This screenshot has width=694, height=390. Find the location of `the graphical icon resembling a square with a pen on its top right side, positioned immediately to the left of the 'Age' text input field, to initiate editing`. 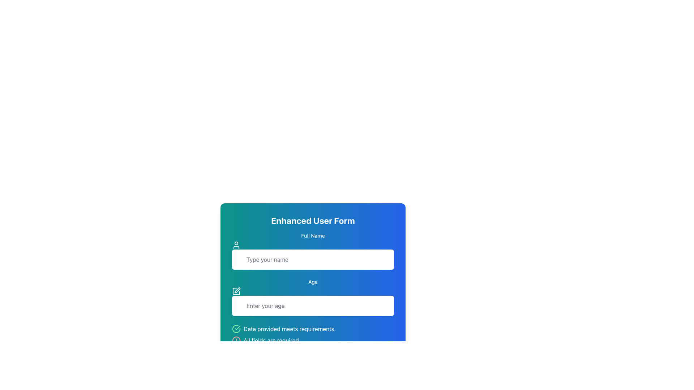

the graphical icon resembling a square with a pen on its top right side, positioned immediately to the left of the 'Age' text input field, to initiate editing is located at coordinates (236, 291).